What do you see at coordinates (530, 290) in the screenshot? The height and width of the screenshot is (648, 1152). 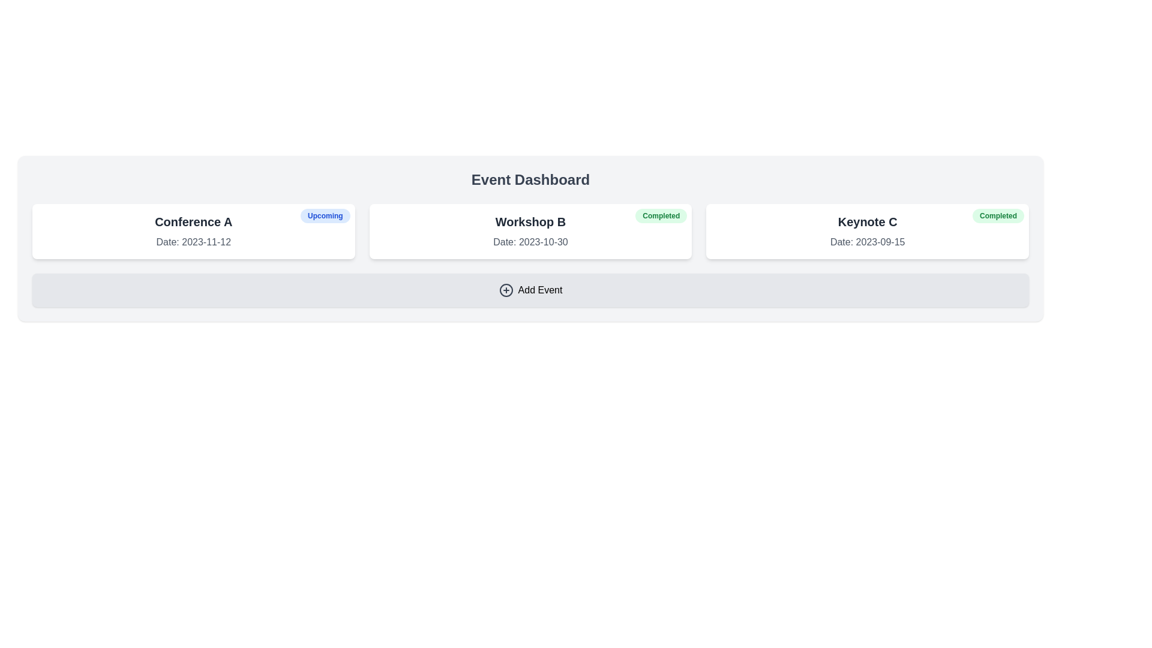 I see `the 'Add Event' button, a rectangular light gray button with rounded edges located at the bottom of the 'Event Dashboard' grid layout` at bounding box center [530, 290].